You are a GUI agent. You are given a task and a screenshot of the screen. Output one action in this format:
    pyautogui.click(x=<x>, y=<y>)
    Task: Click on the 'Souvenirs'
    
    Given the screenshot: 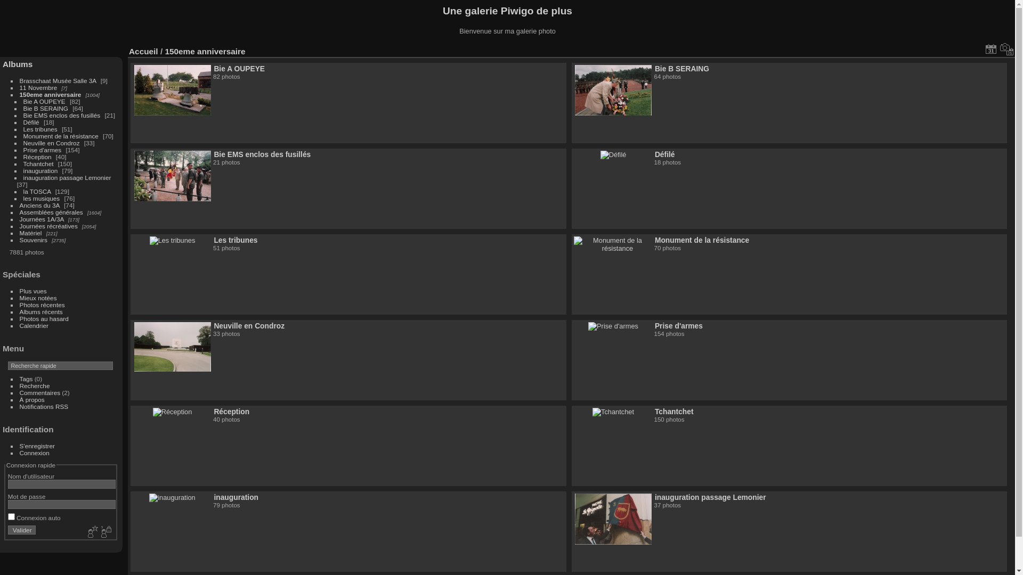 What is the action you would take?
    pyautogui.click(x=20, y=240)
    